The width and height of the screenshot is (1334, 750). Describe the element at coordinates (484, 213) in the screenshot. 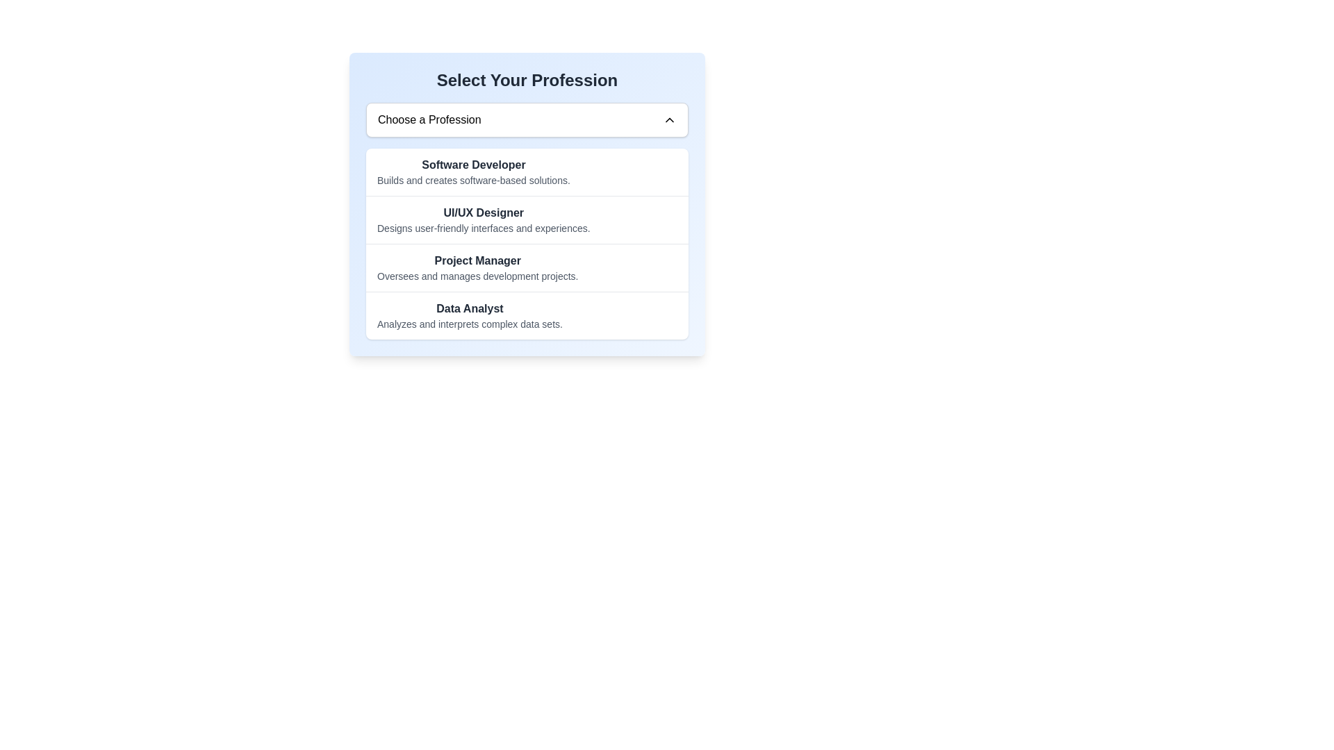

I see `text label displaying 'UI/UX Designer', which is styled in bold and dark gray, positioned at the center of the second row of selectable options` at that location.